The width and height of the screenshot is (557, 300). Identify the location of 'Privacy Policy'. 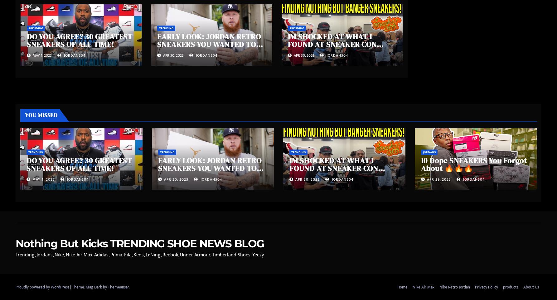
(487, 287).